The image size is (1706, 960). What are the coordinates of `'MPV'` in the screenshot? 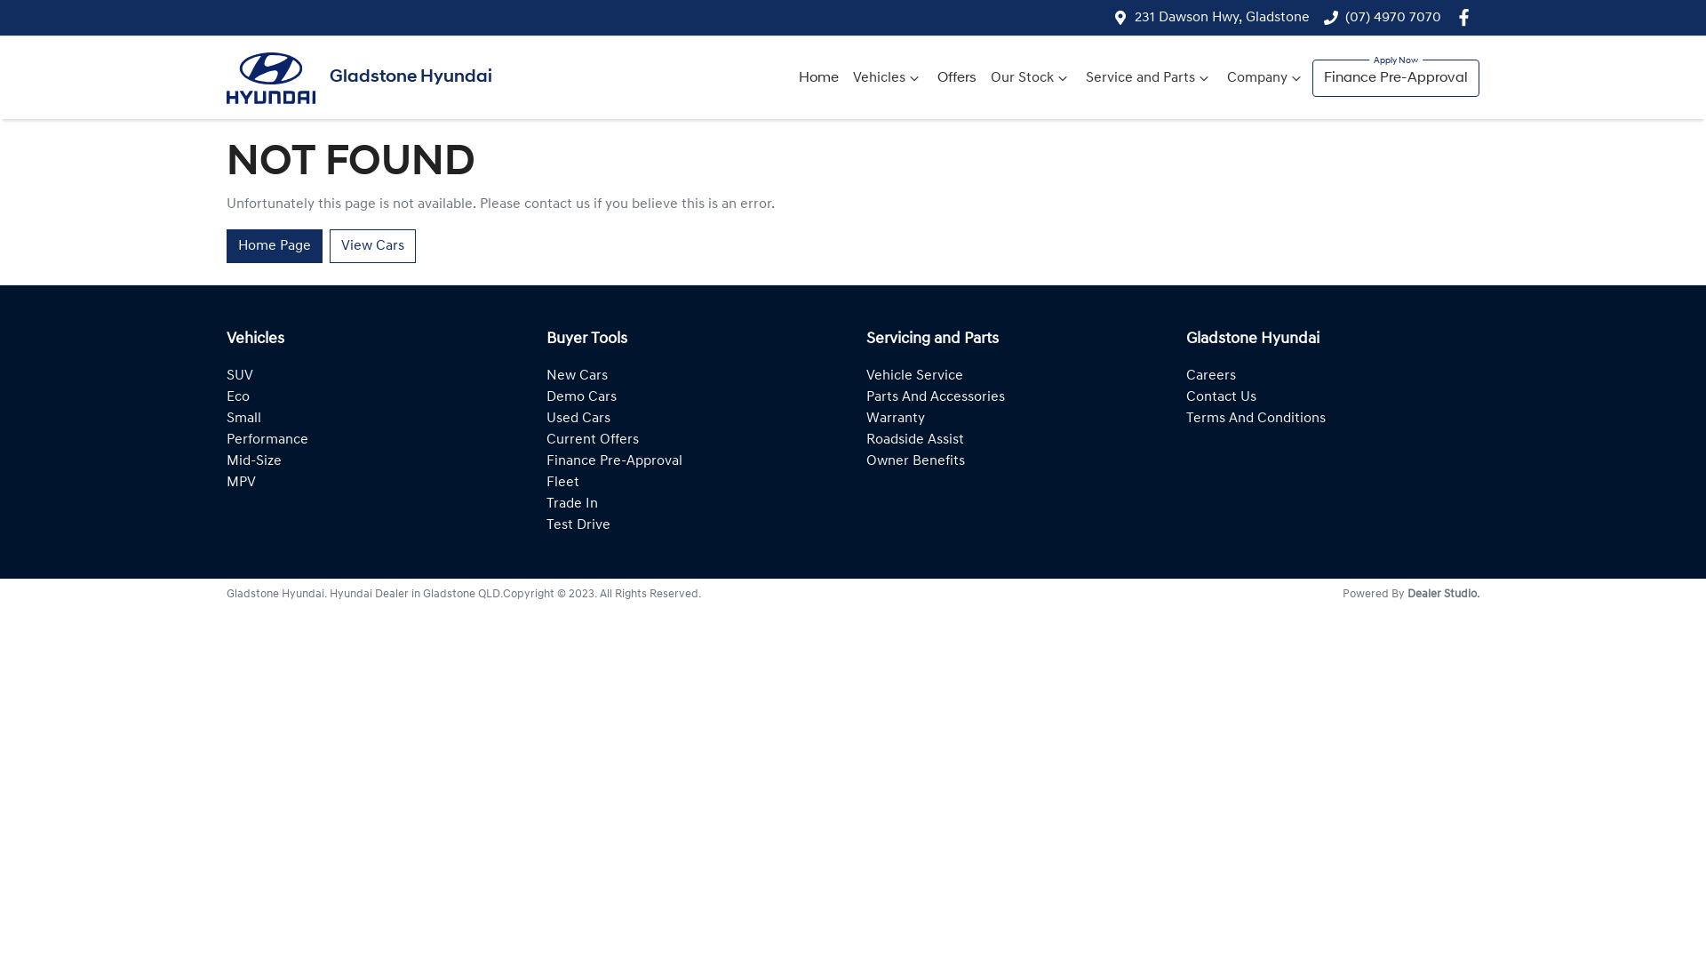 It's located at (240, 483).